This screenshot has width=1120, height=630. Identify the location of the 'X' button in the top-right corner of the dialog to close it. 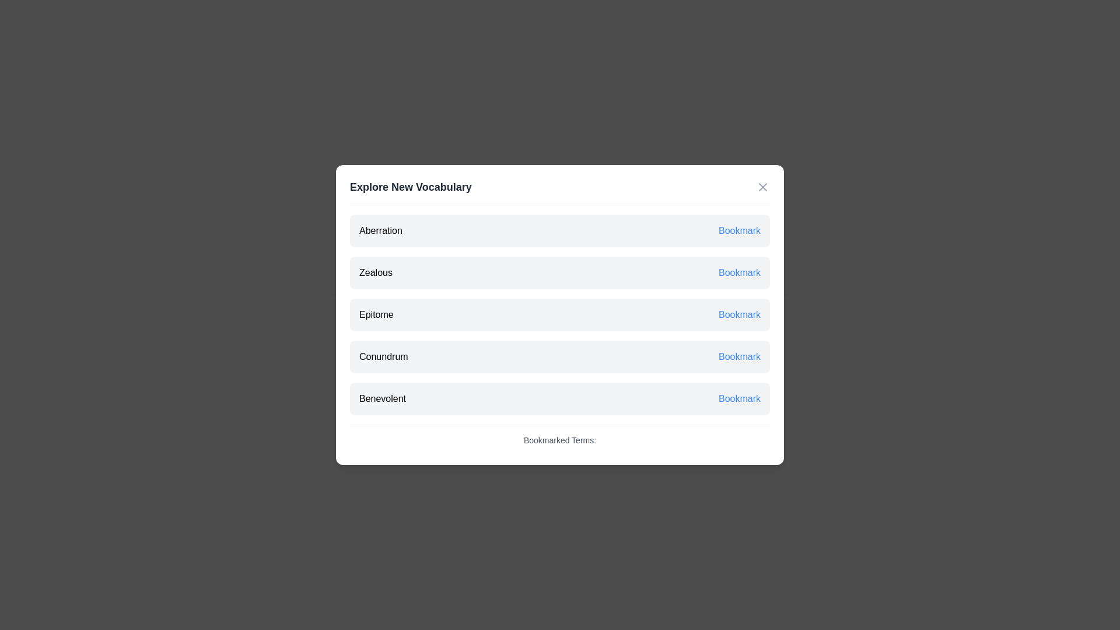
(763, 186).